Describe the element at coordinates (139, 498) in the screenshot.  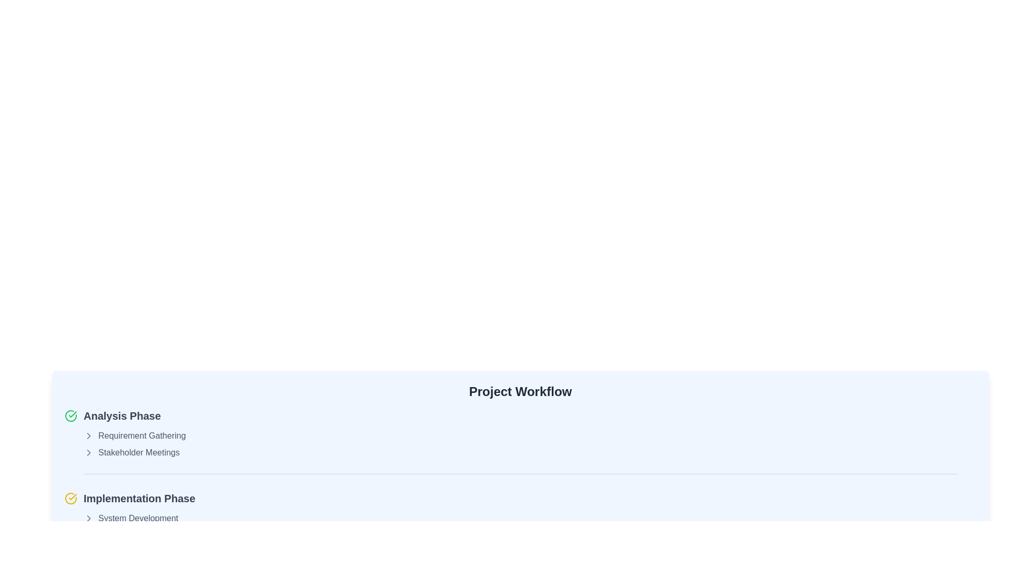
I see `the bold text label reading 'Implementation Phase'` at that location.